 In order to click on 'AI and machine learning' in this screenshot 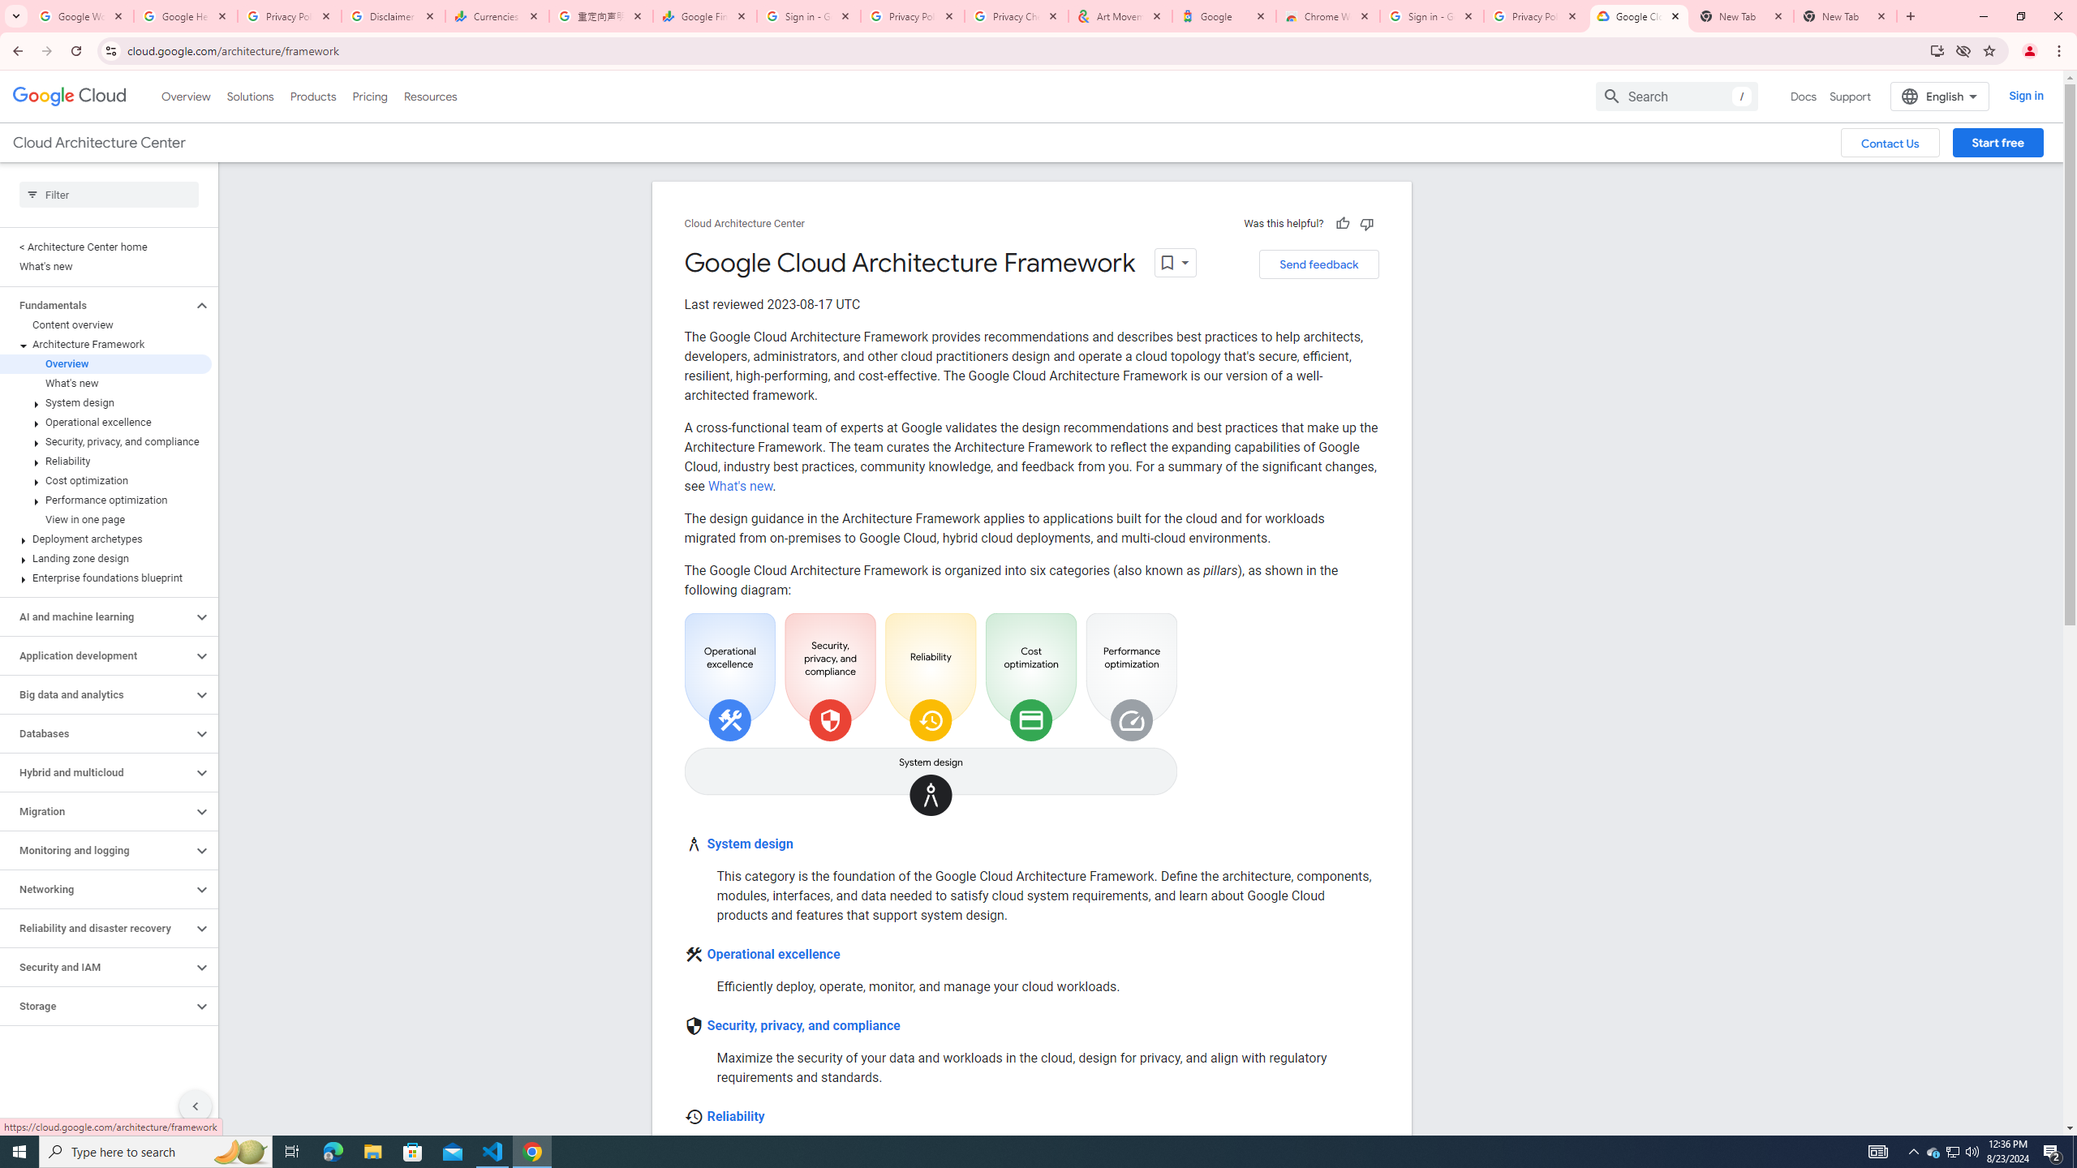, I will do `click(96, 617)`.